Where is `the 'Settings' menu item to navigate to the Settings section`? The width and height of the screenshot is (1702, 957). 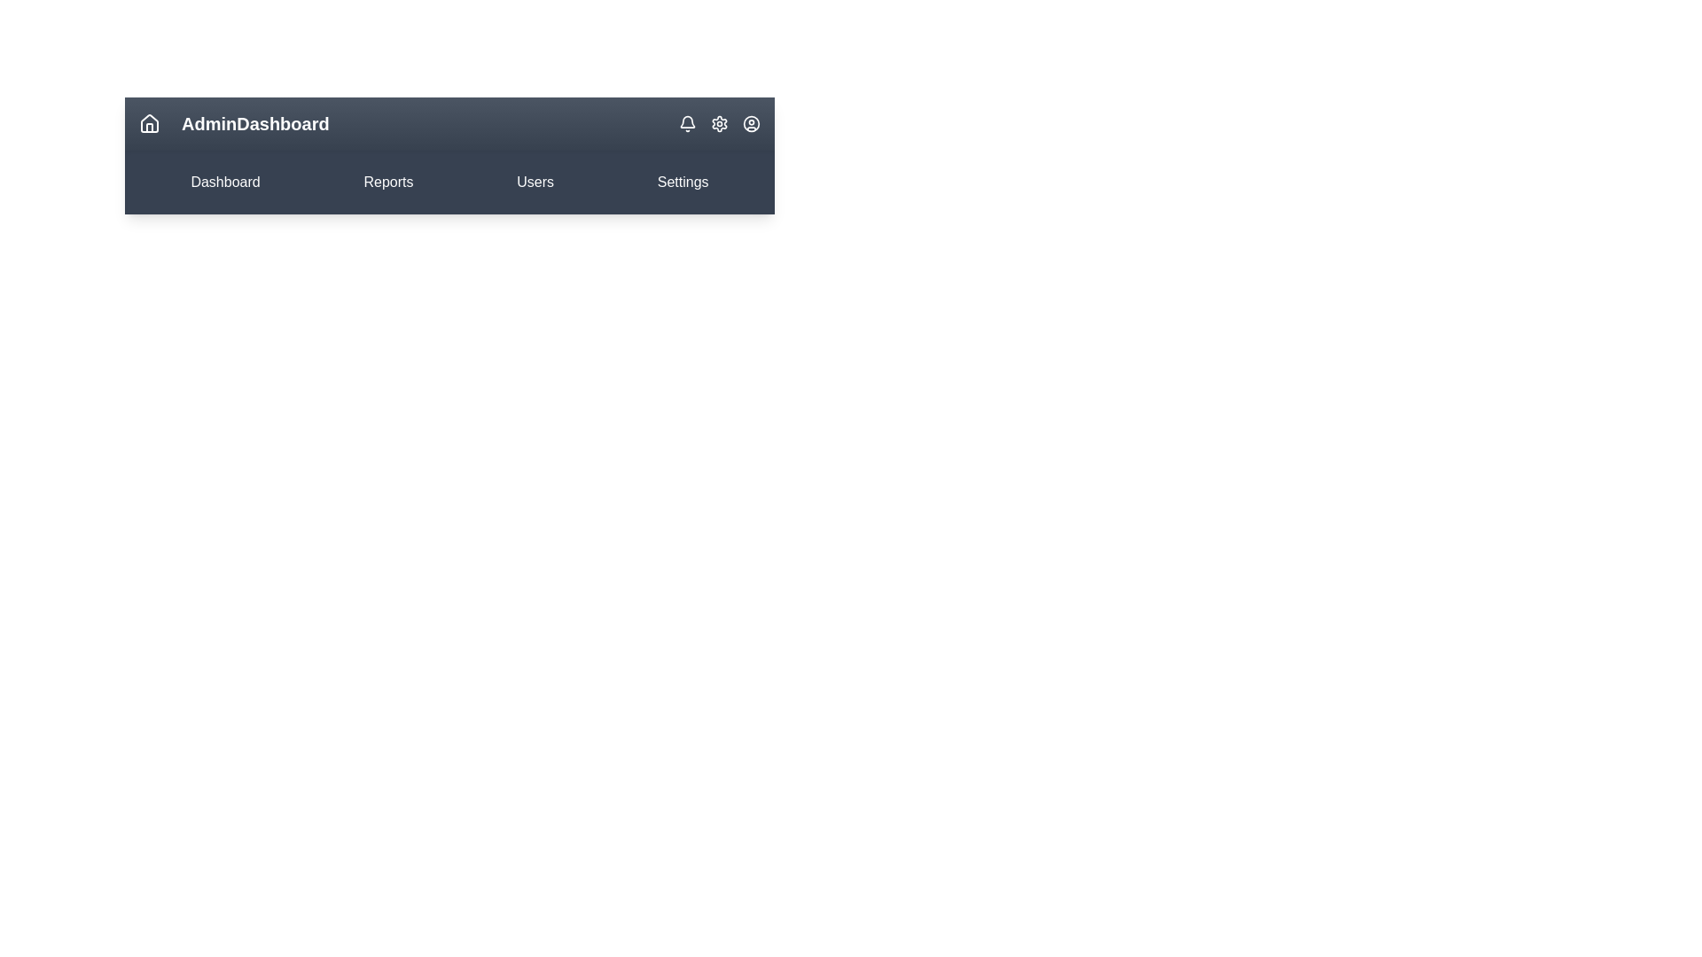
the 'Settings' menu item to navigate to the Settings section is located at coordinates (681, 182).